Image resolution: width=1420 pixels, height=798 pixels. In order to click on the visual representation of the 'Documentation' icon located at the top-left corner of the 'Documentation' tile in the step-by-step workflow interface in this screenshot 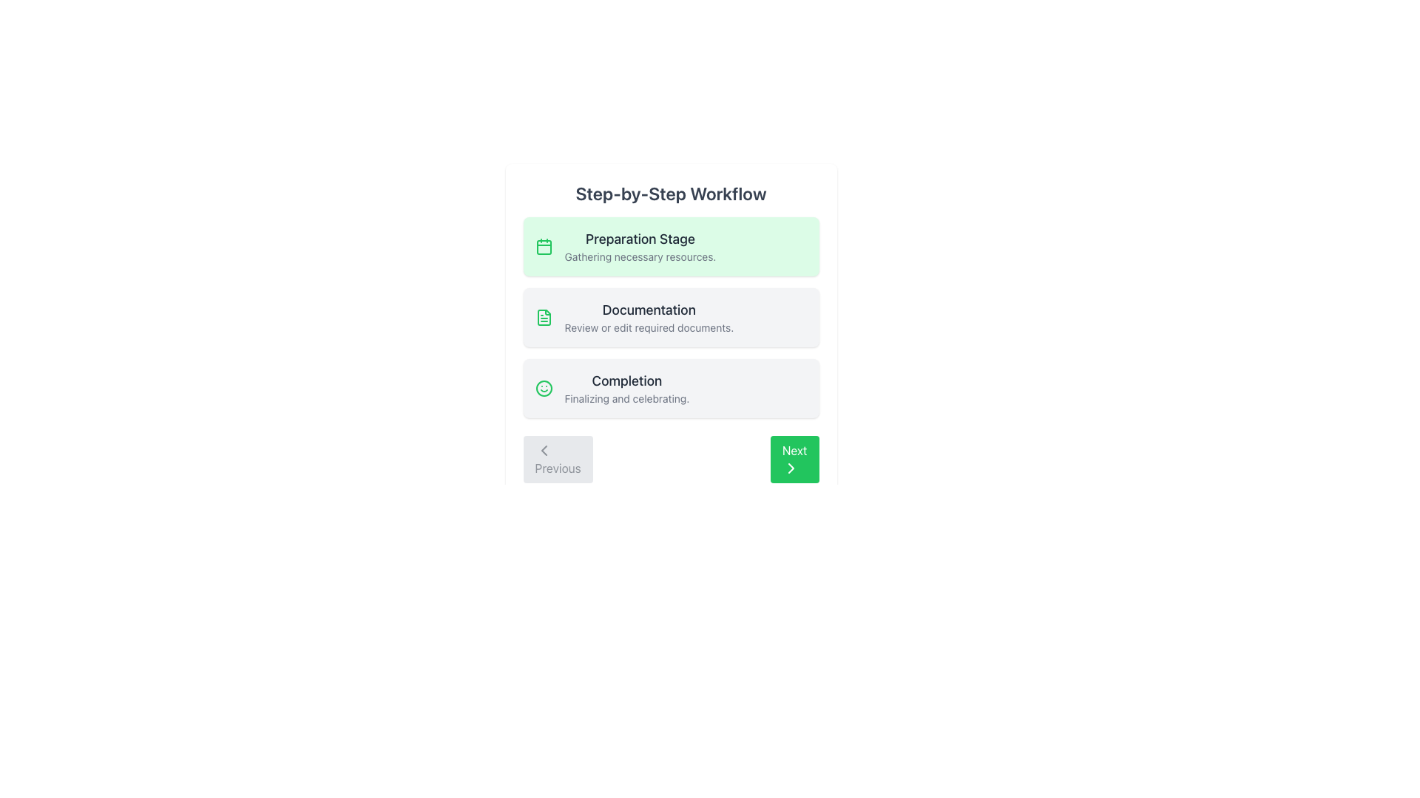, I will do `click(543, 316)`.